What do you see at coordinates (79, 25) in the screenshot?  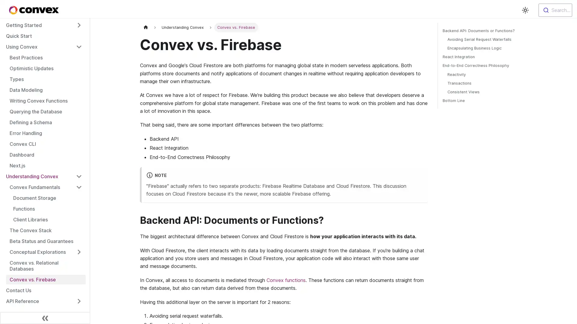 I see `Toggle the collapsible sidebar category 'Getting Started'` at bounding box center [79, 25].